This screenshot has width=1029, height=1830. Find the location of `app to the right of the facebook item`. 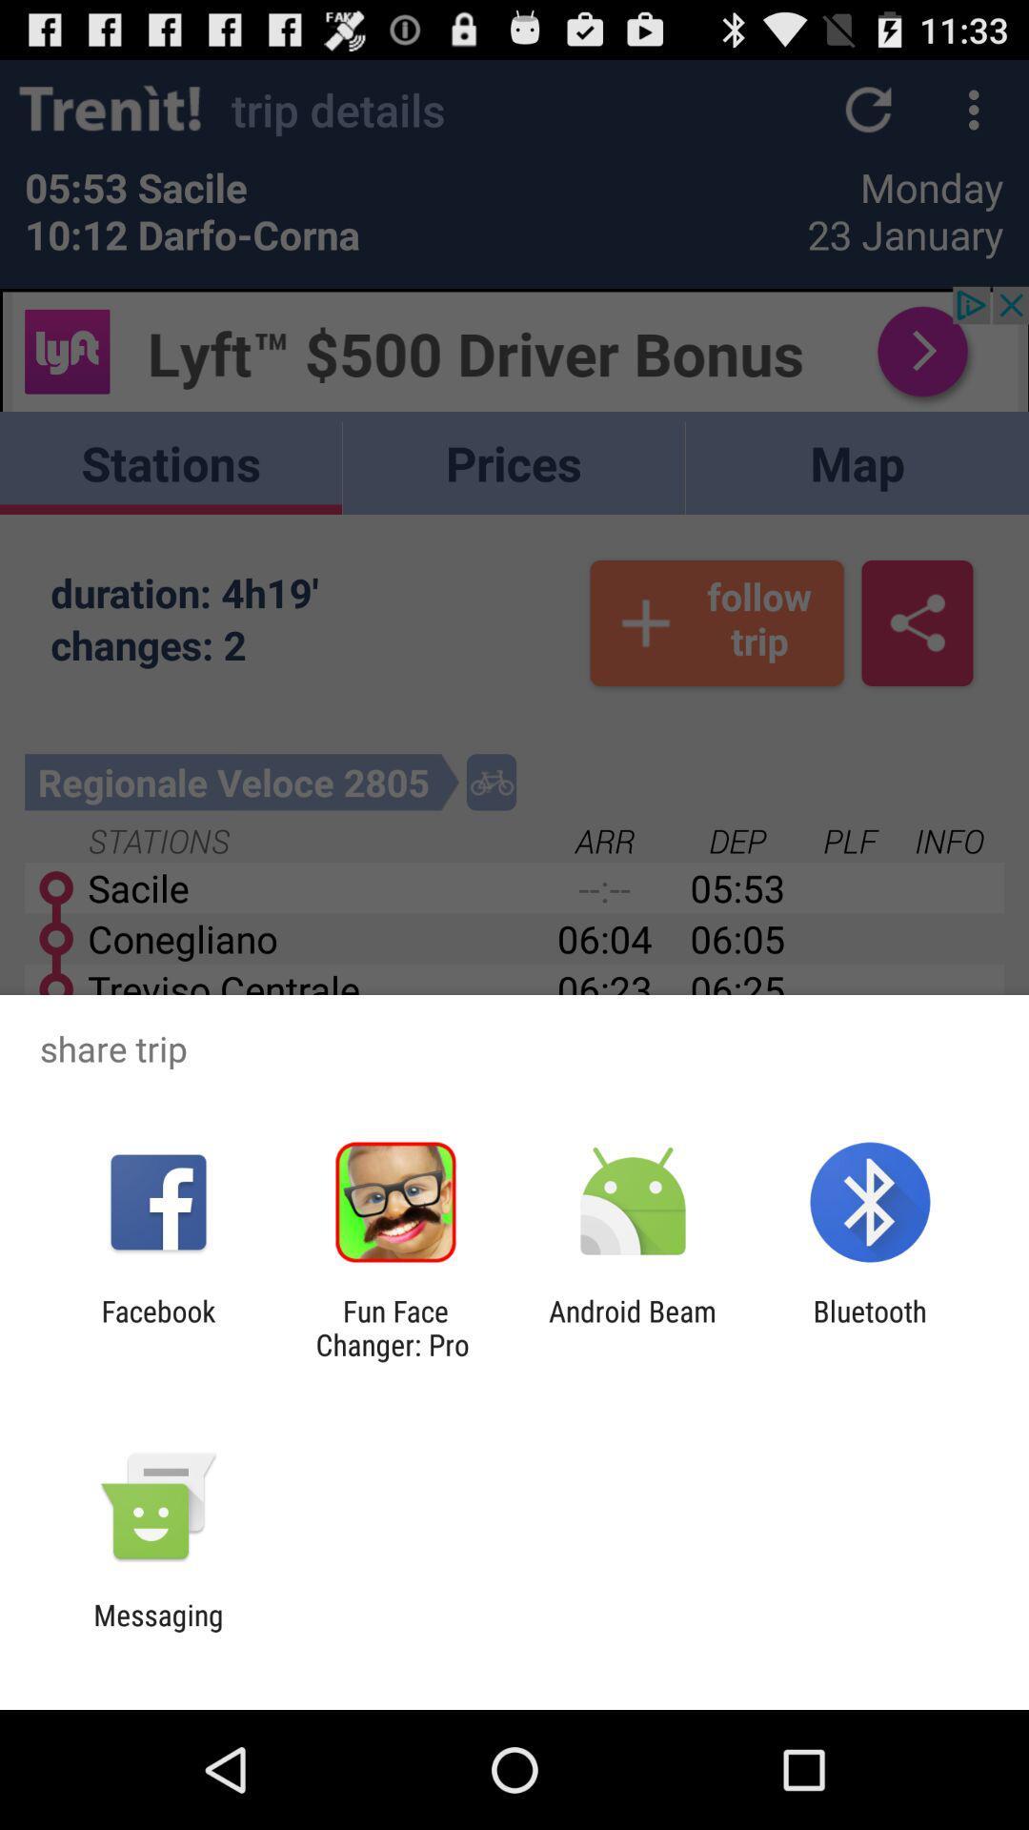

app to the right of the facebook item is located at coordinates (394, 1327).